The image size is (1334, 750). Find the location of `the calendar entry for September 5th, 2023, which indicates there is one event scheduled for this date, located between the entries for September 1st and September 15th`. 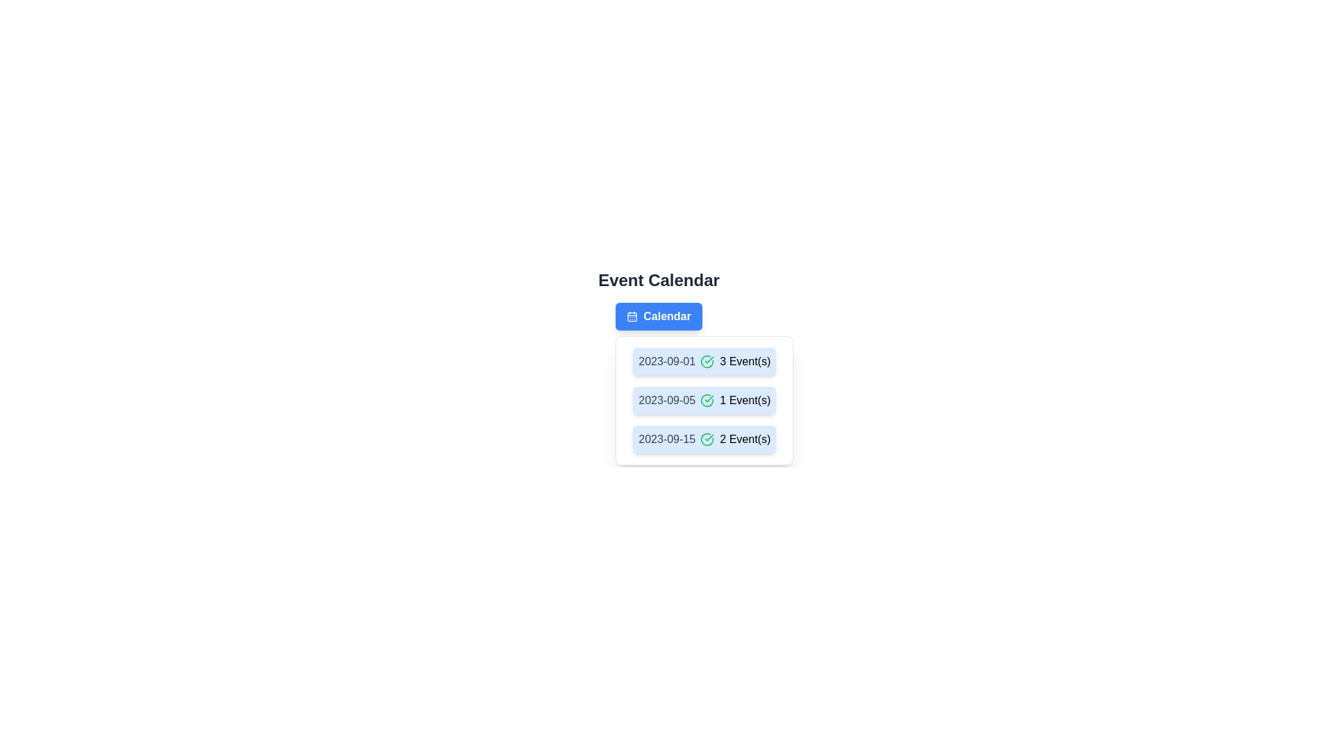

the calendar entry for September 5th, 2023, which indicates there is one event scheduled for this date, located between the entries for September 1st and September 15th is located at coordinates (705, 401).